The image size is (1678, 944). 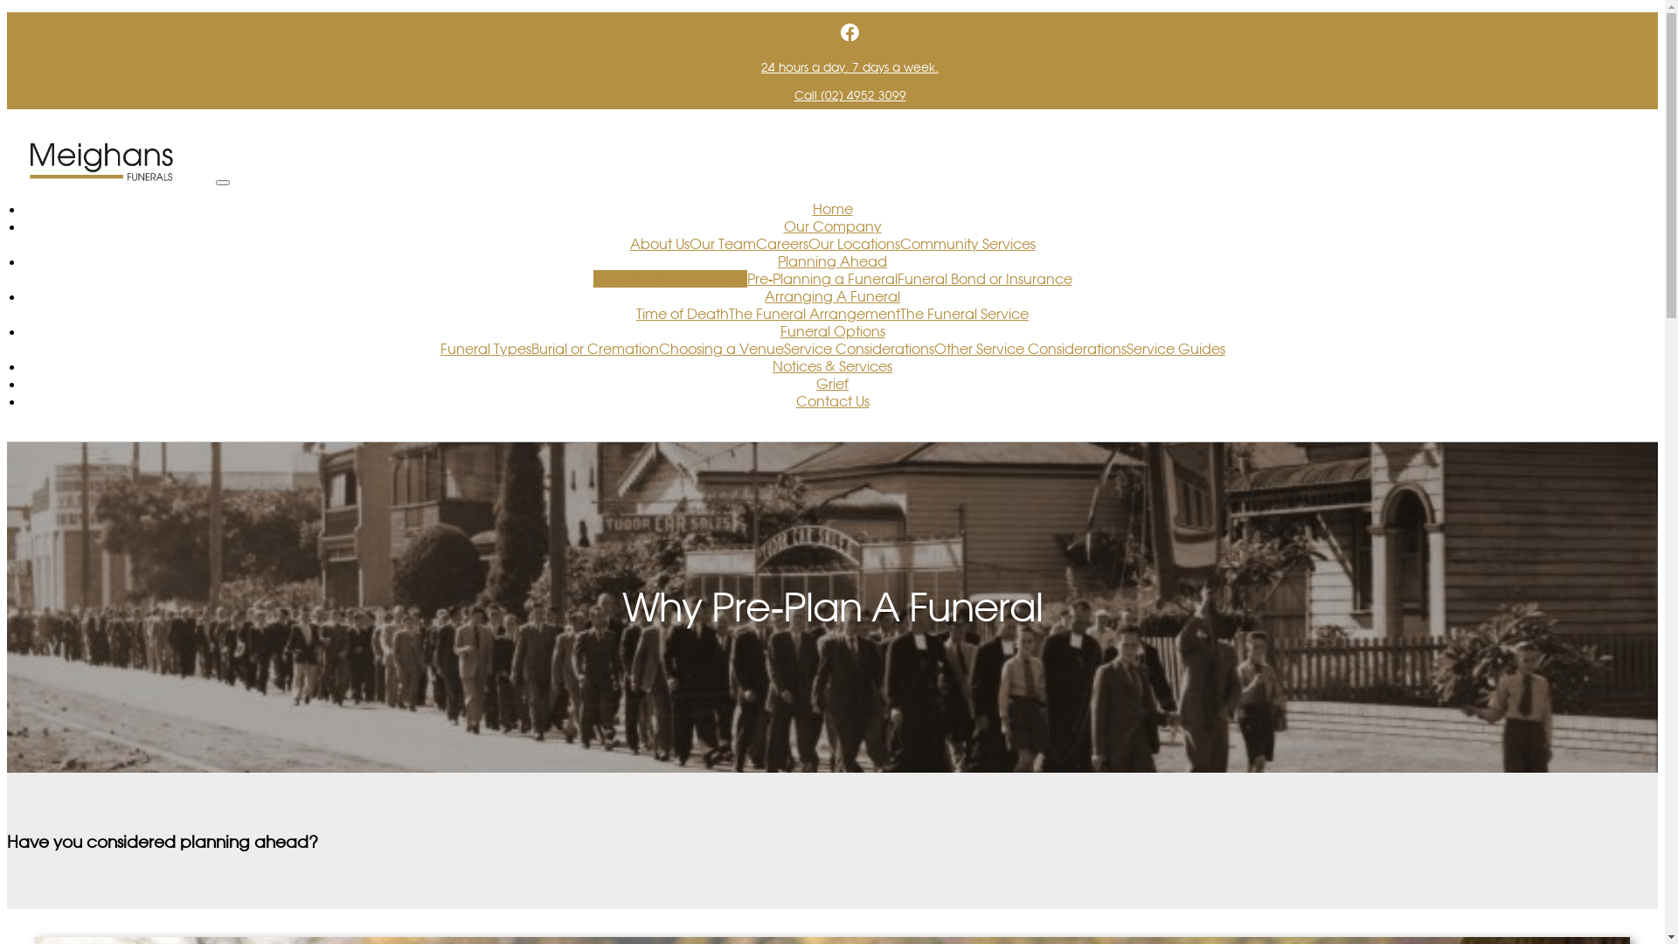 I want to click on 'Planning Ahead', so click(x=831, y=261).